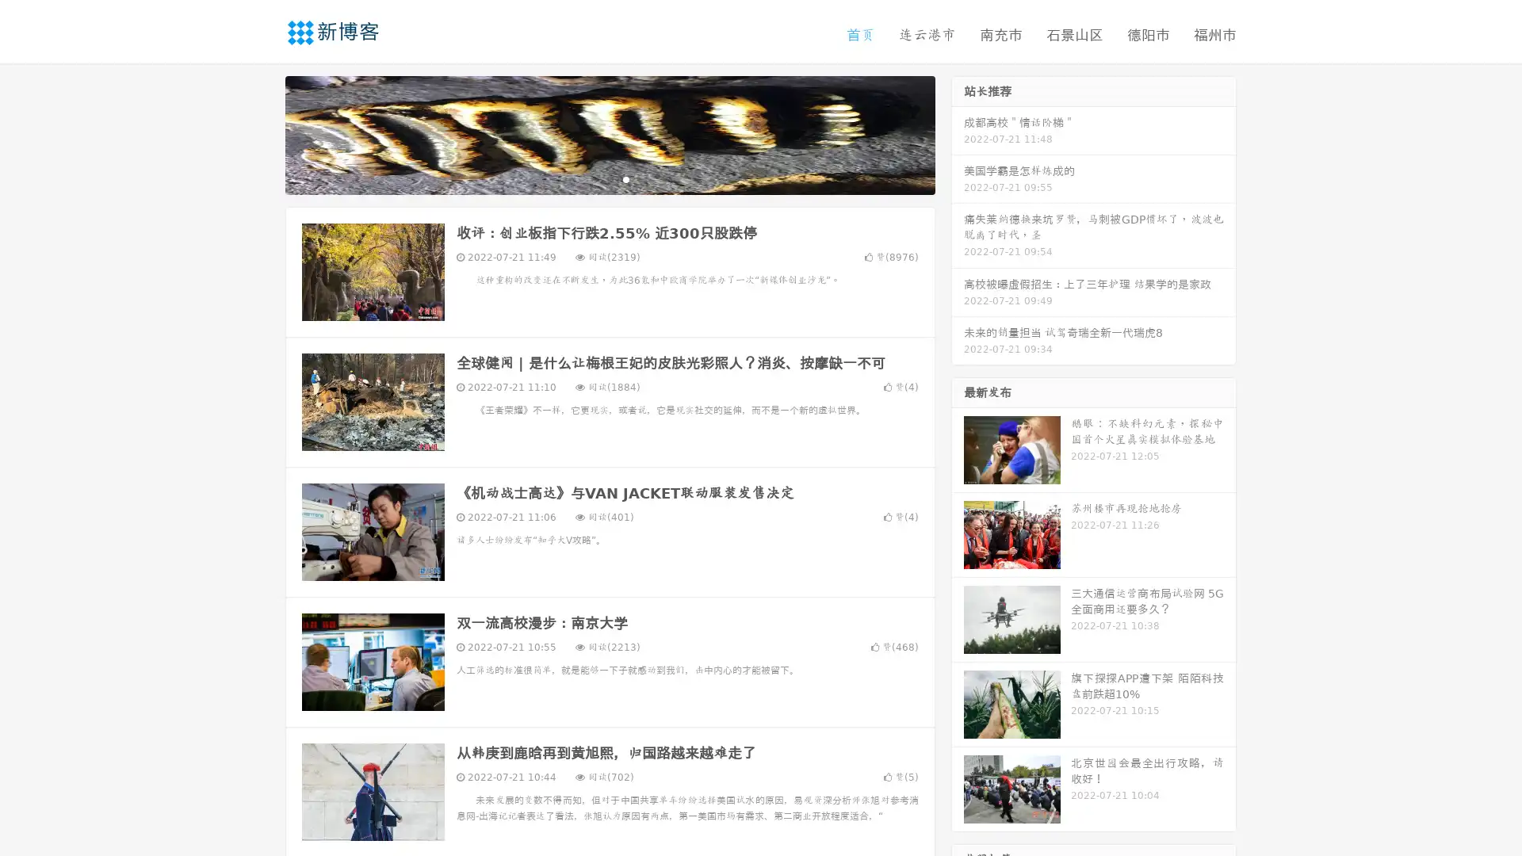  Describe the element at coordinates (593, 178) in the screenshot. I see `Go to slide 1` at that location.